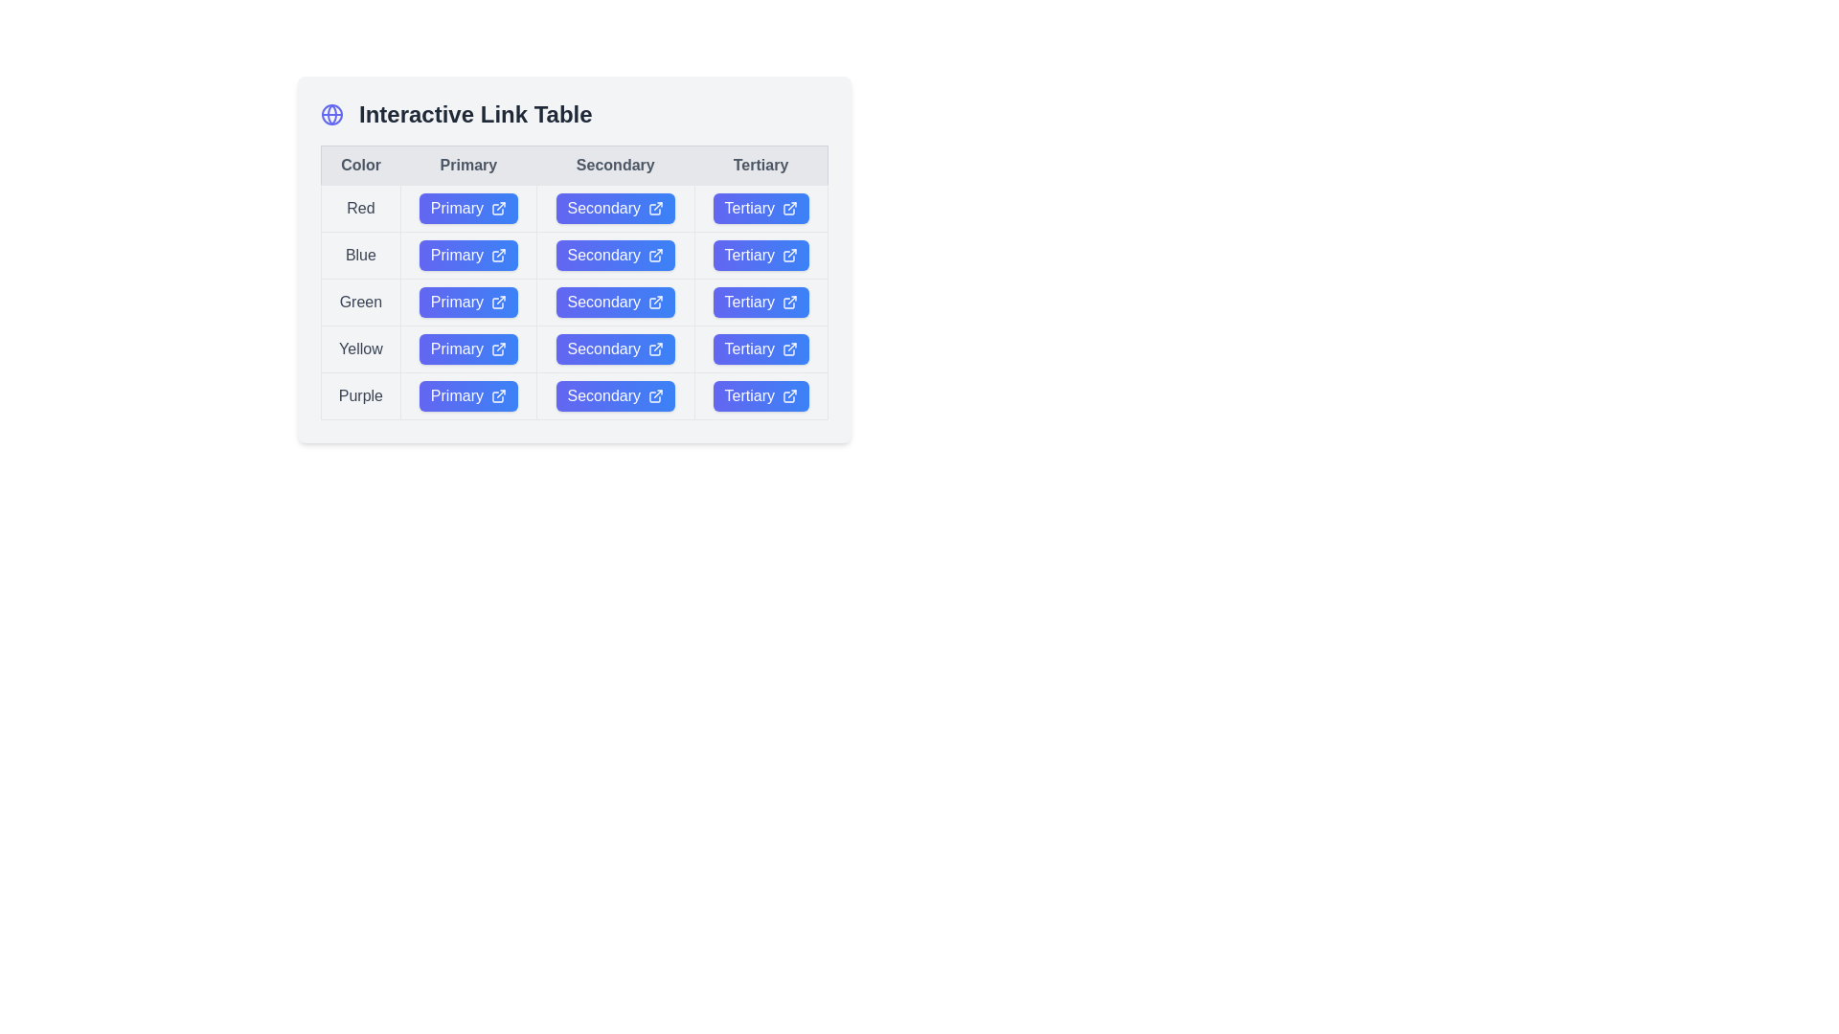 The width and height of the screenshot is (1839, 1034). What do you see at coordinates (760, 209) in the screenshot?
I see `the 'Tertiary' button with a gradient background and white text` at bounding box center [760, 209].